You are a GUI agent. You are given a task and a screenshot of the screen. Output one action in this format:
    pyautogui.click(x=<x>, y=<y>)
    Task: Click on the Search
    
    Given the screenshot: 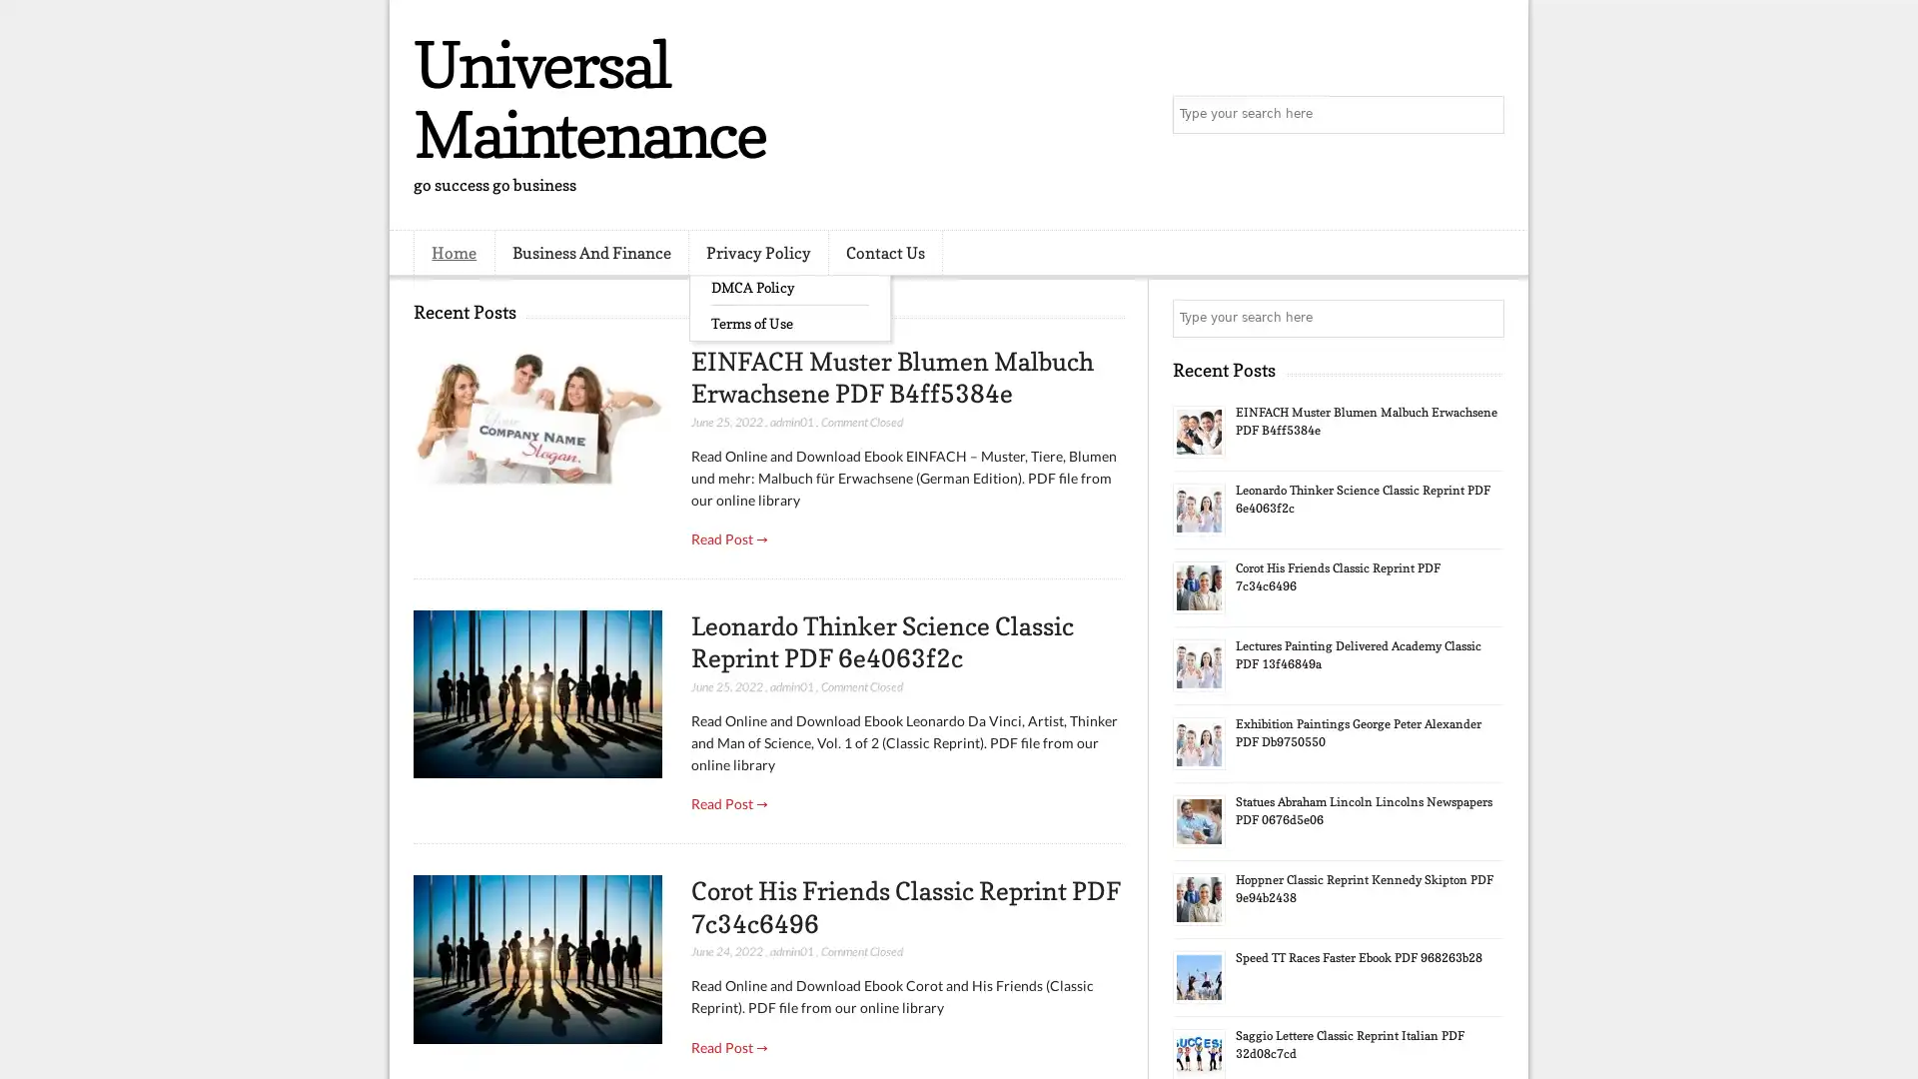 What is the action you would take?
    pyautogui.click(x=1483, y=115)
    